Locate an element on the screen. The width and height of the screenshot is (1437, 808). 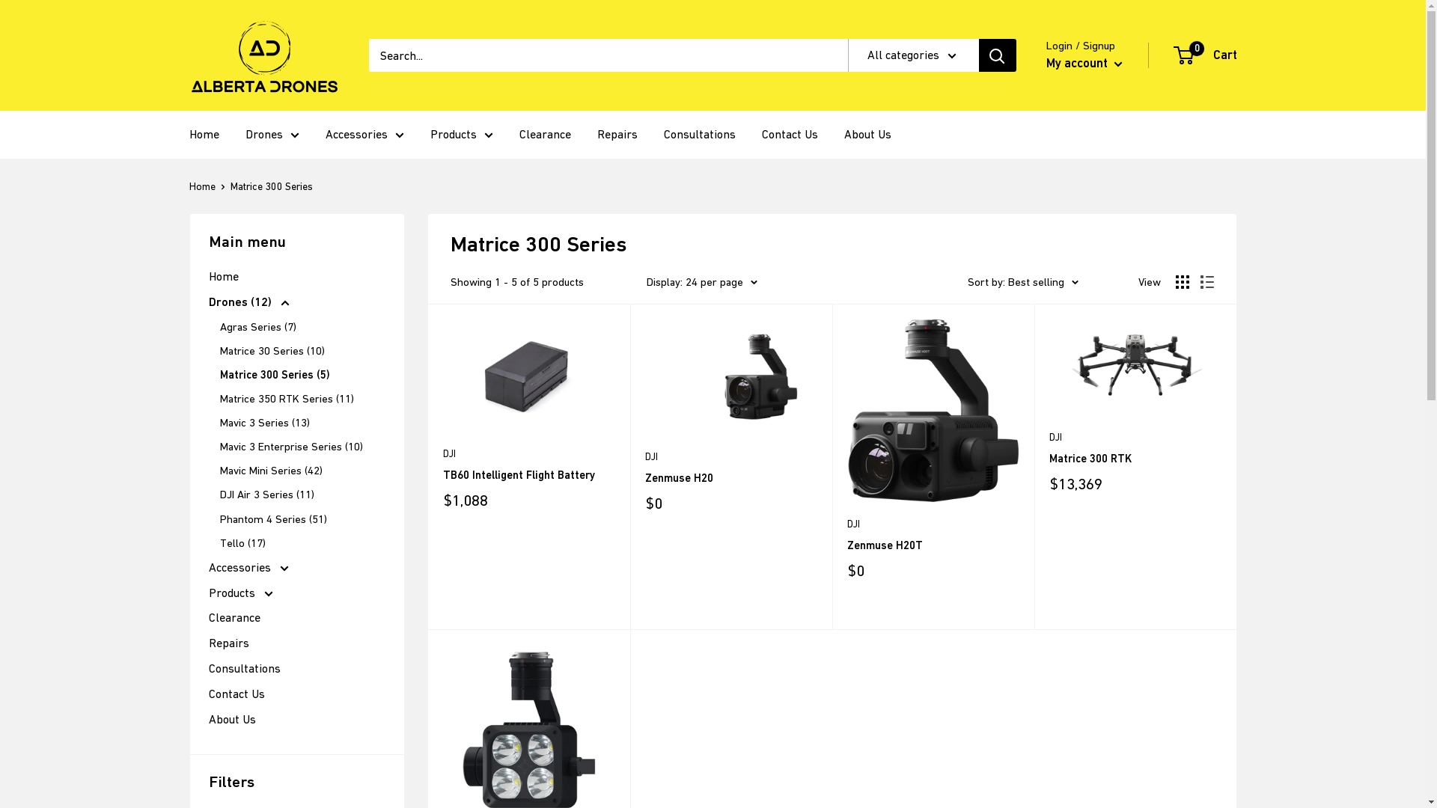
'DJI Air 3 Series (11)' is located at coordinates (219, 494).